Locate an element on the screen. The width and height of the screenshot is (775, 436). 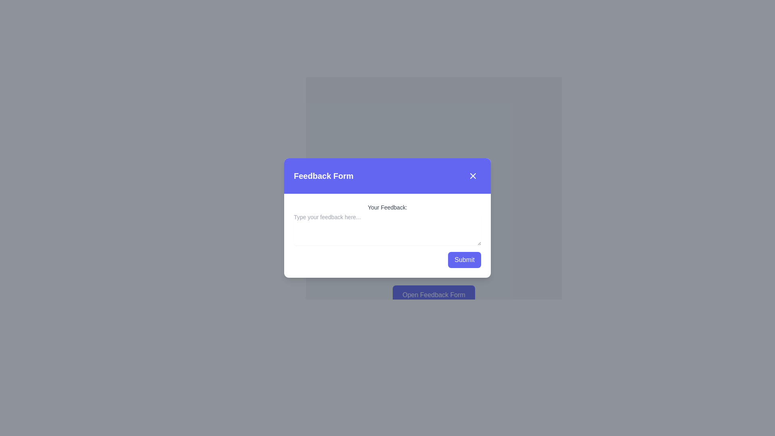
the submit button located at the bottom-right corner of the feedback form modal is located at coordinates (465, 260).